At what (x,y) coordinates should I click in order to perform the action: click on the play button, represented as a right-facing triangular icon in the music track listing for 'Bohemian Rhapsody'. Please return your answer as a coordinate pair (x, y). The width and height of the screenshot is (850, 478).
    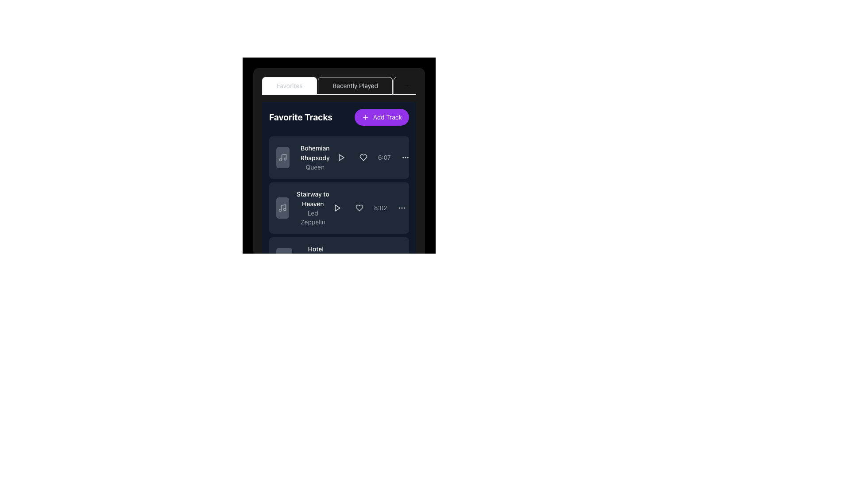
    Looking at the image, I should click on (341, 157).